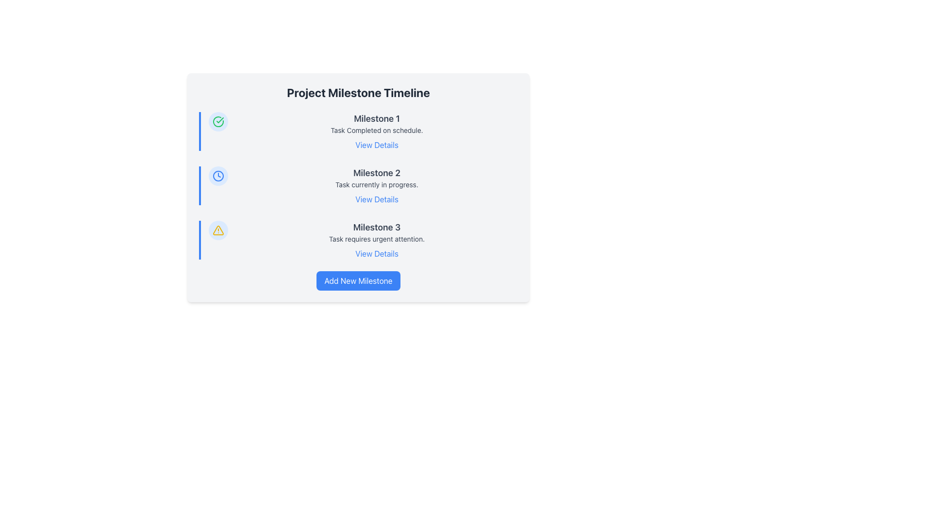 The image size is (932, 524). What do you see at coordinates (376, 228) in the screenshot?
I see `the descriptive text label indicating the title of the milestone, located at the center of the third milestone card` at bounding box center [376, 228].